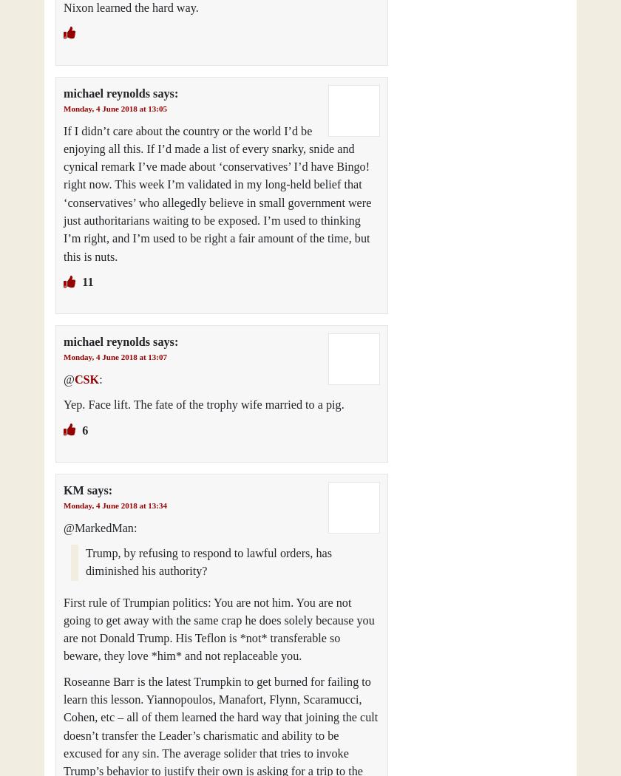 The width and height of the screenshot is (621, 776). What do you see at coordinates (64, 505) in the screenshot?
I see `'Monday, 4 June 2018 at 13:34'` at bounding box center [64, 505].